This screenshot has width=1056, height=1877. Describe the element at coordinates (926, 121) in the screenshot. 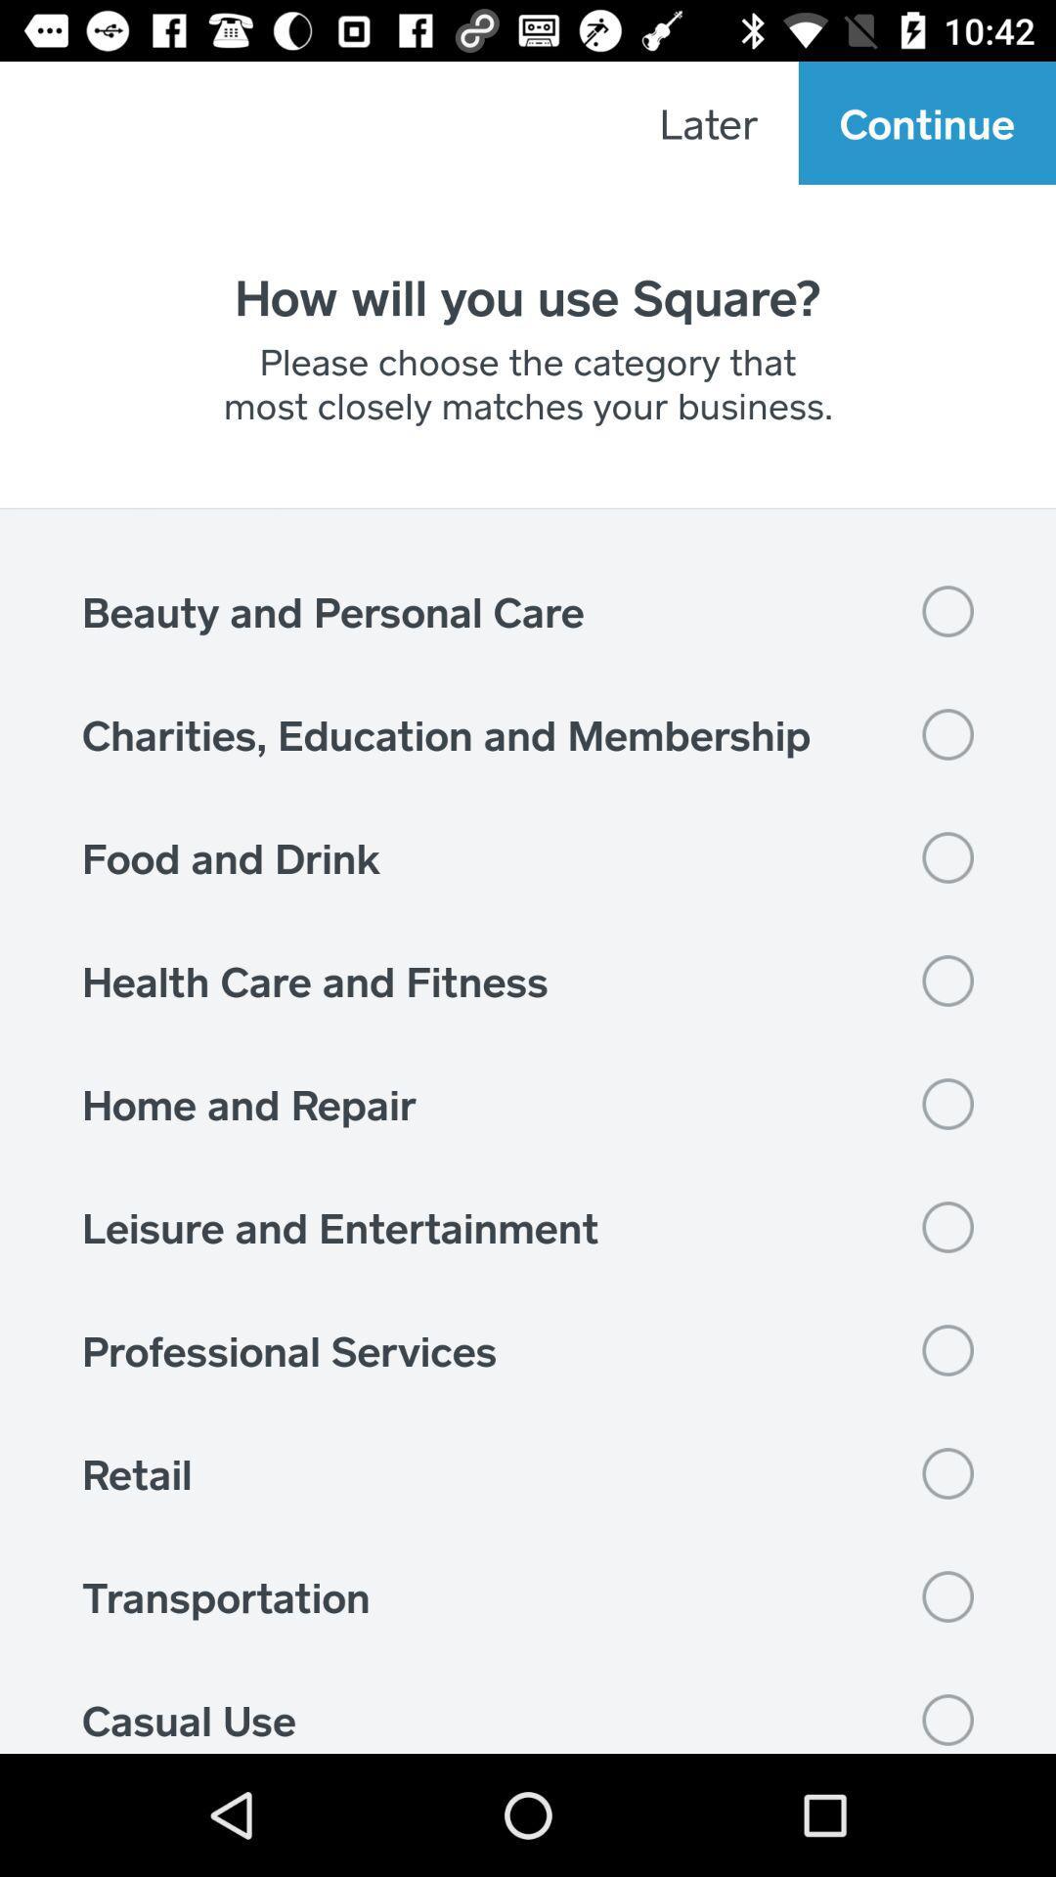

I see `the continue` at that location.